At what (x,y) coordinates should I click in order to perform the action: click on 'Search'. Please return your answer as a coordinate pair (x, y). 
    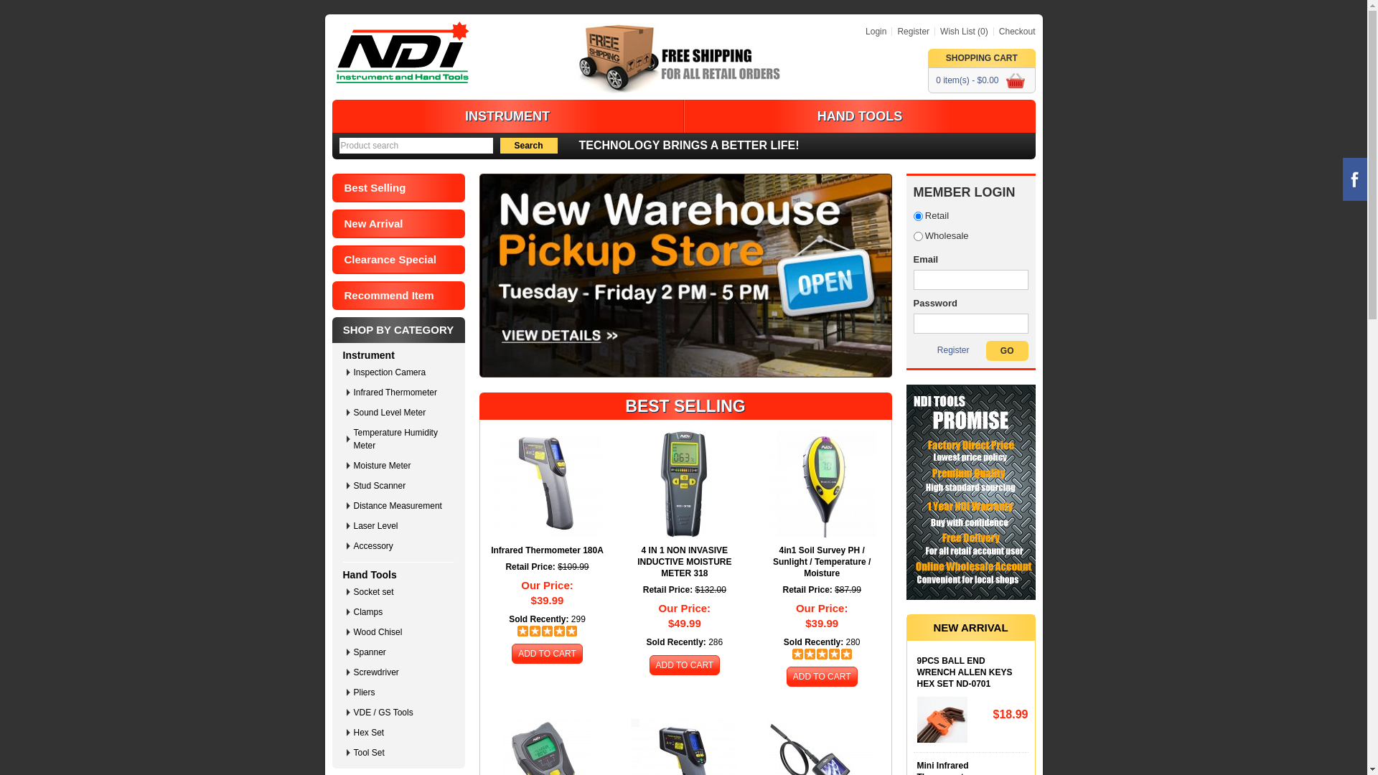
    Looking at the image, I should click on (527, 146).